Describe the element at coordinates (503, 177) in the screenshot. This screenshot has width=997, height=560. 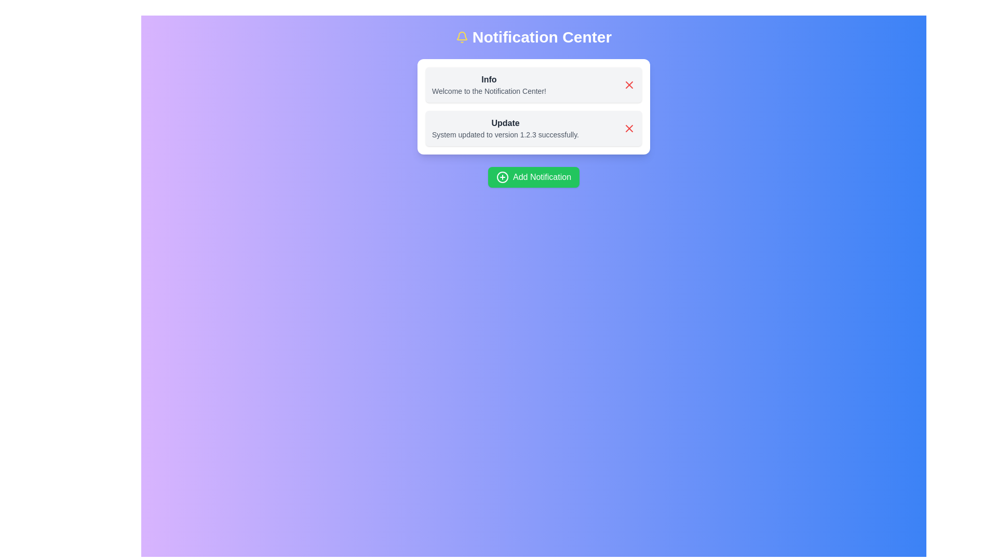
I see `the circular SVG element that is centered within the green 'Add Notification' button, which forms part of the plus icon` at that location.